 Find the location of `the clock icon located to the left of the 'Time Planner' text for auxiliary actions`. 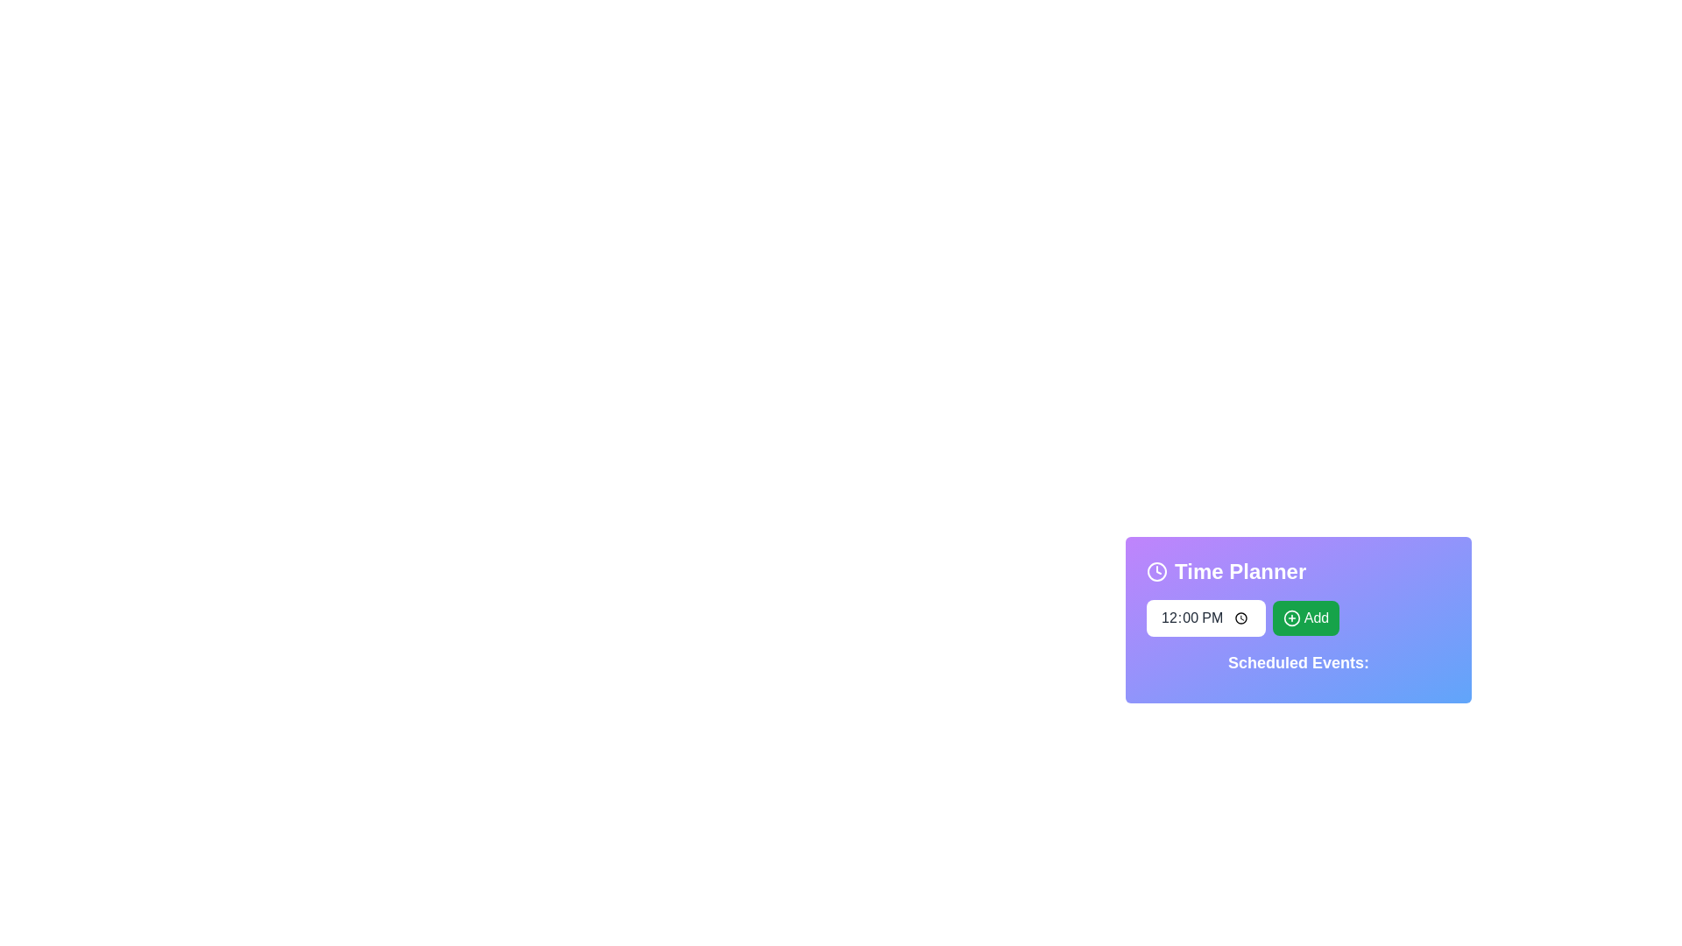

the clock icon located to the left of the 'Time Planner' text for auxiliary actions is located at coordinates (1156, 571).